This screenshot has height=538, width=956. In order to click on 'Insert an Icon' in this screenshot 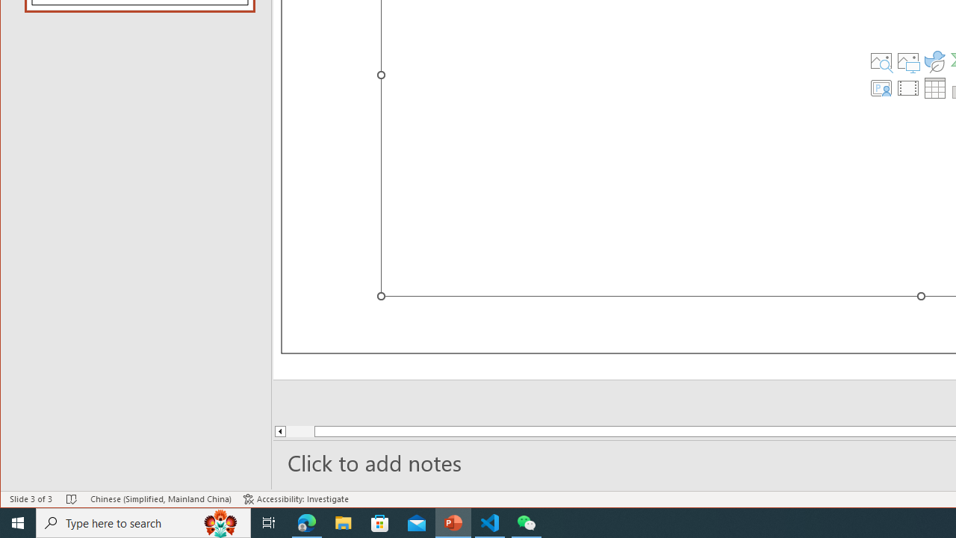, I will do `click(934, 61)`.